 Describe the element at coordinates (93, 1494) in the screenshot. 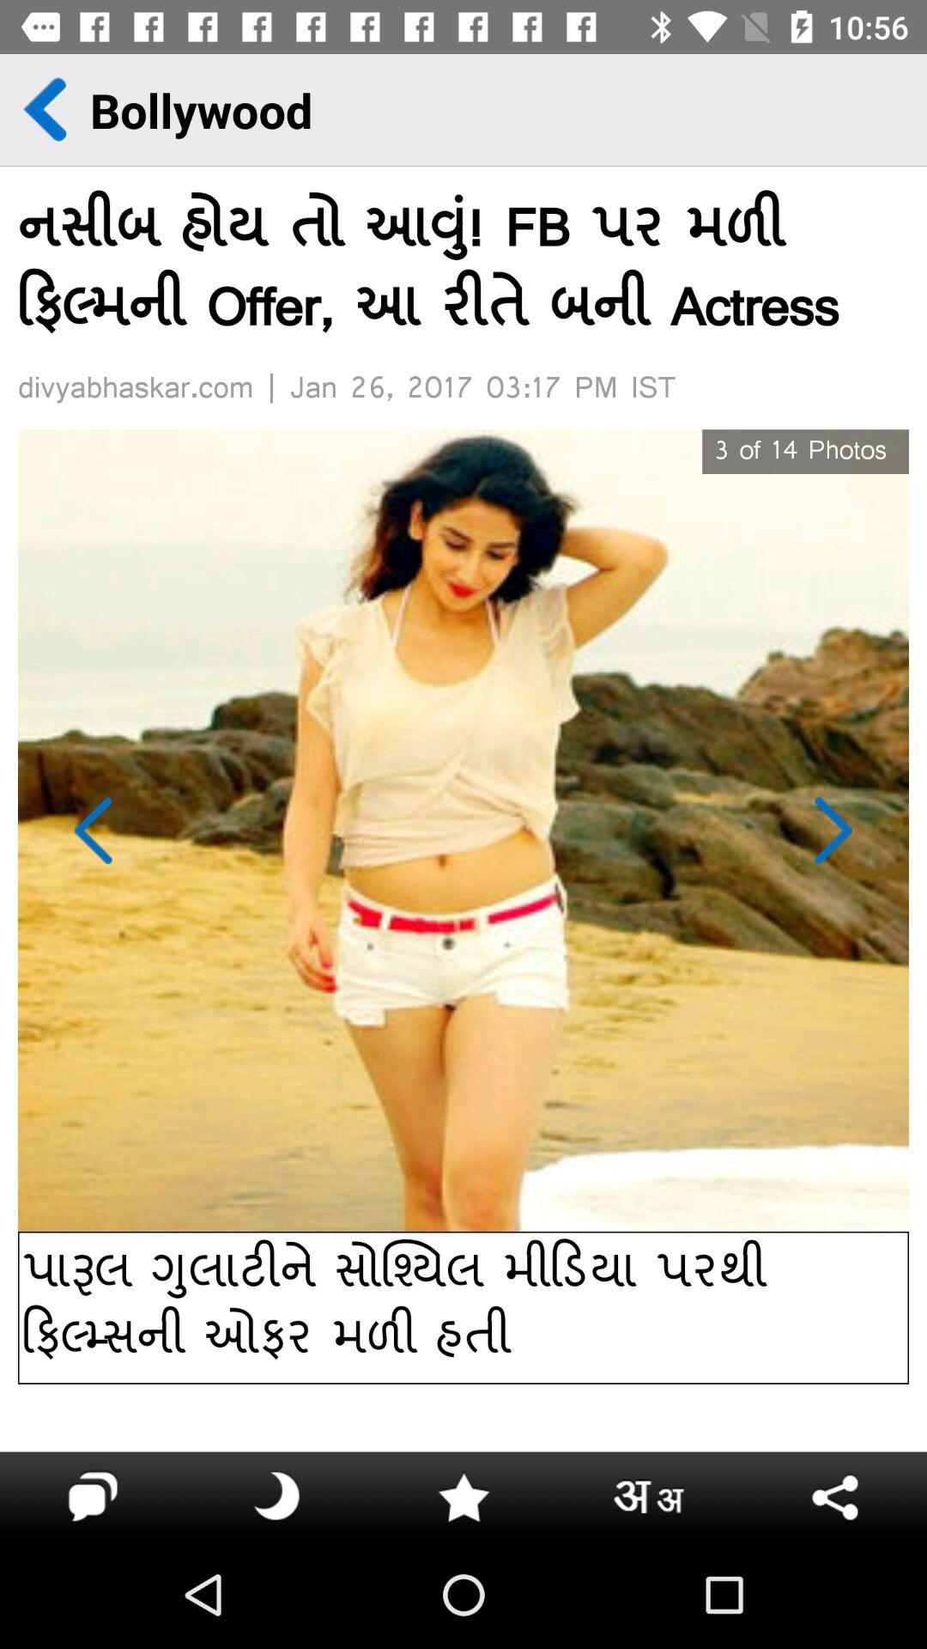

I see `the info icon` at that location.